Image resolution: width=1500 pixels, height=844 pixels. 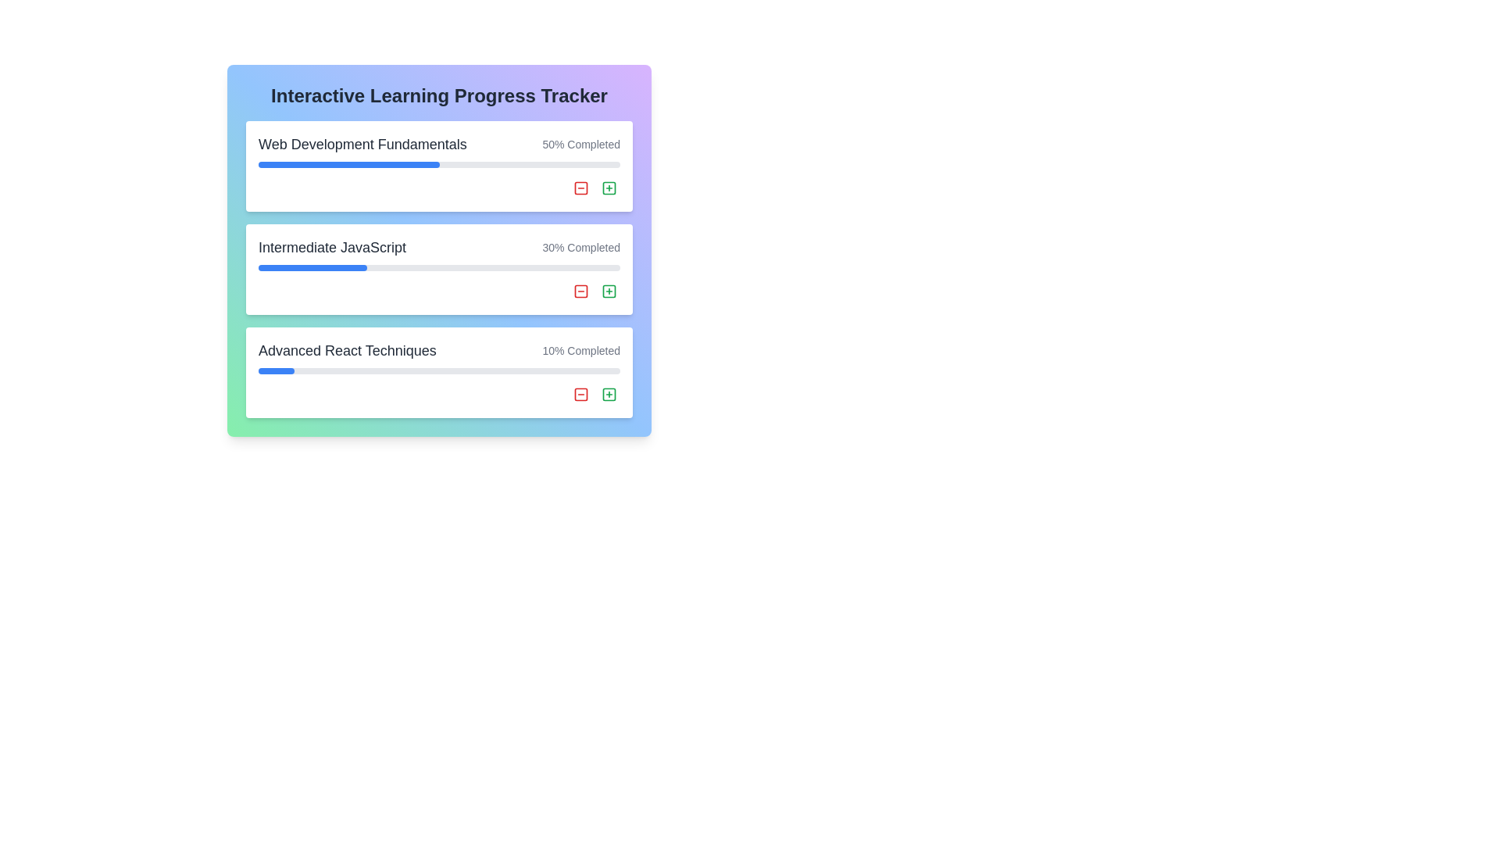 I want to click on the progress indicator representing 10% completion of the 'Advanced React Techniques' task in the horizontal progress bar, so click(x=277, y=370).